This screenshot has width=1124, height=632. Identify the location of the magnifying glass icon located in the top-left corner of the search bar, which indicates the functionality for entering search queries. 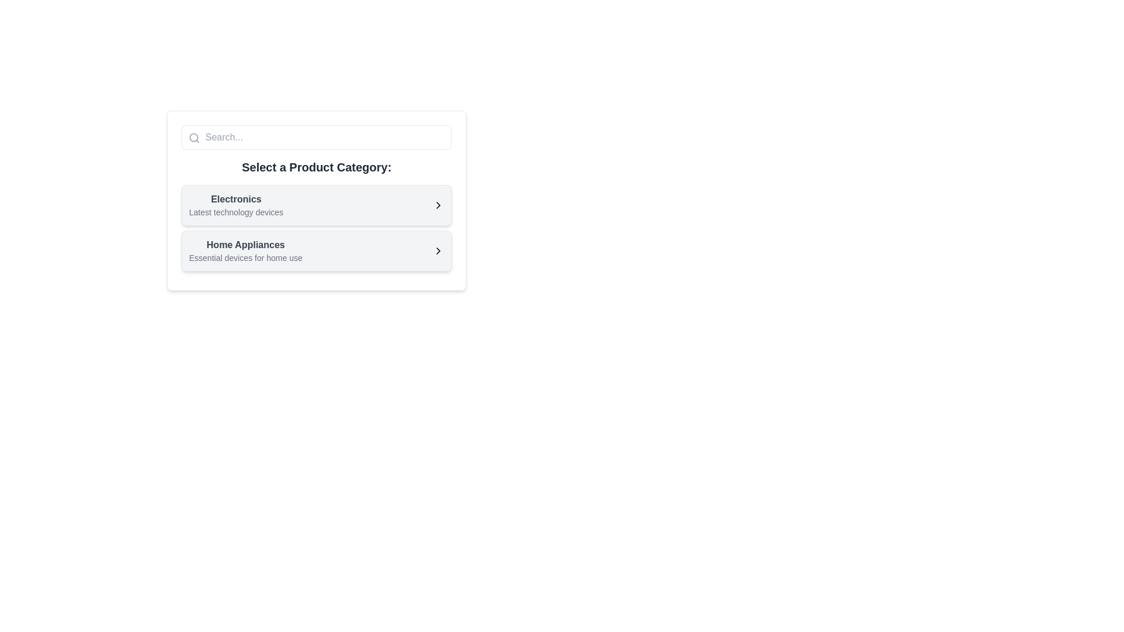
(194, 137).